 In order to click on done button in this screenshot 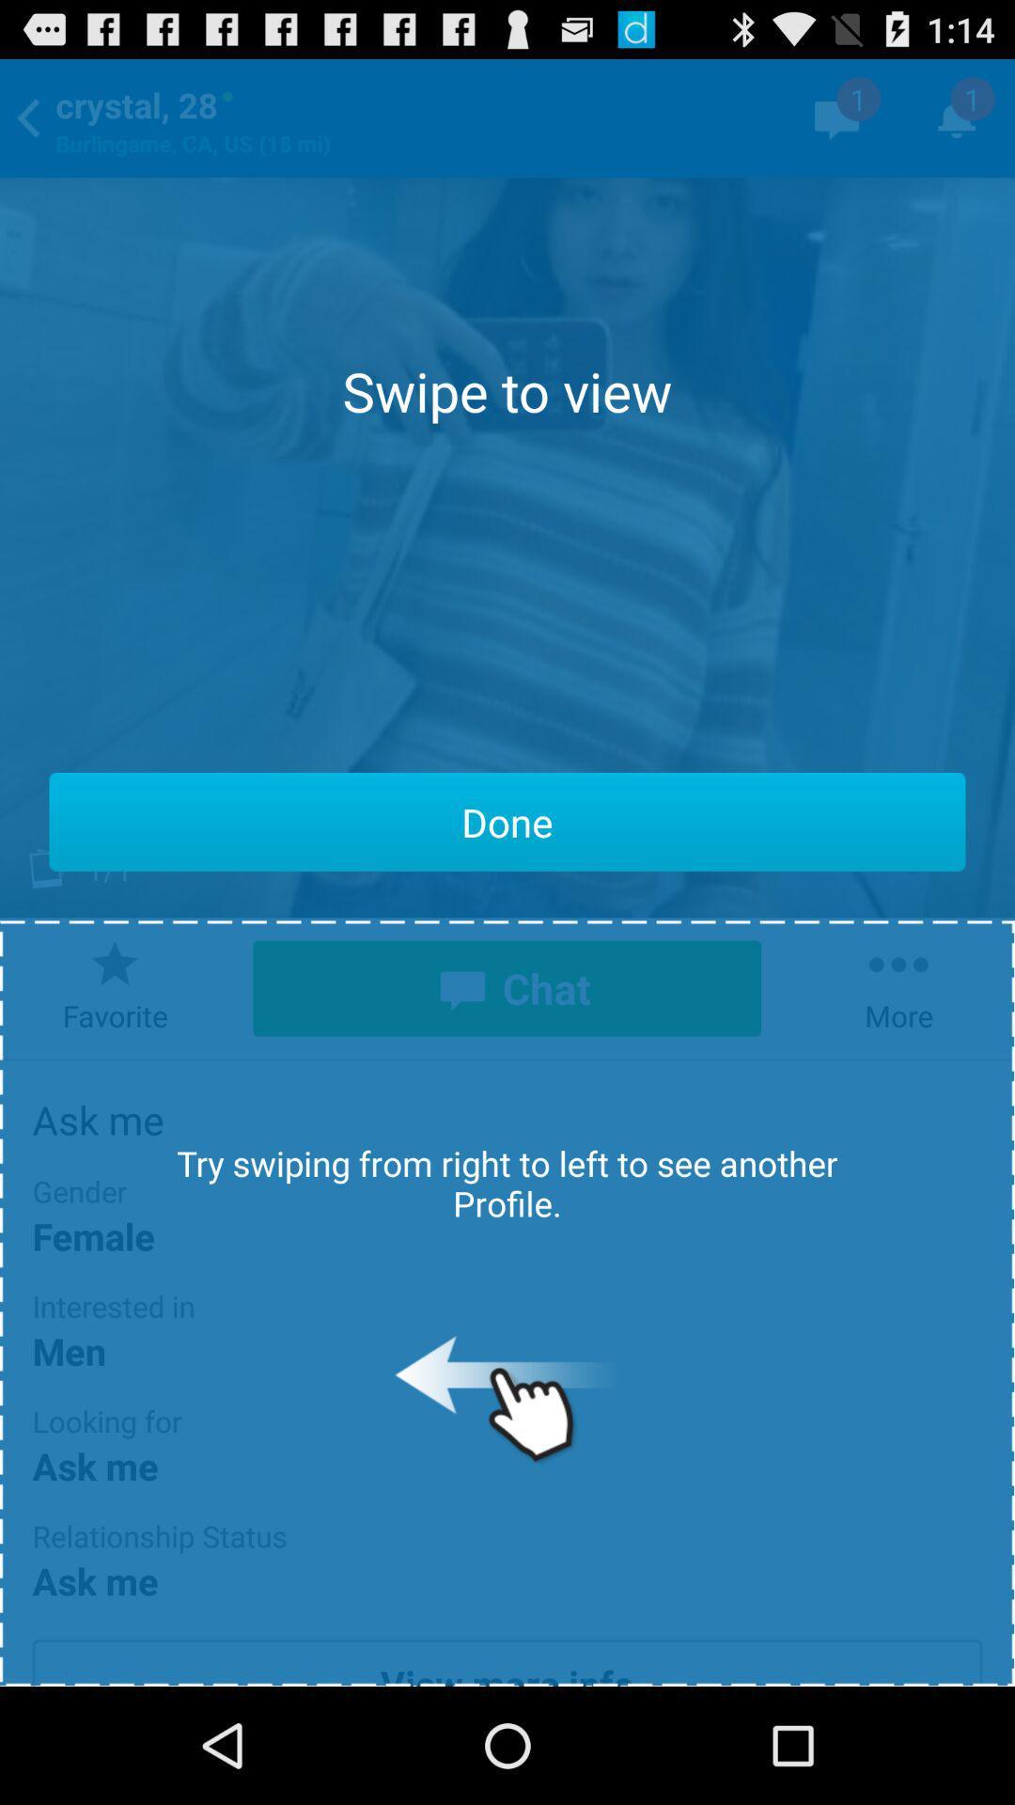, I will do `click(507, 822)`.